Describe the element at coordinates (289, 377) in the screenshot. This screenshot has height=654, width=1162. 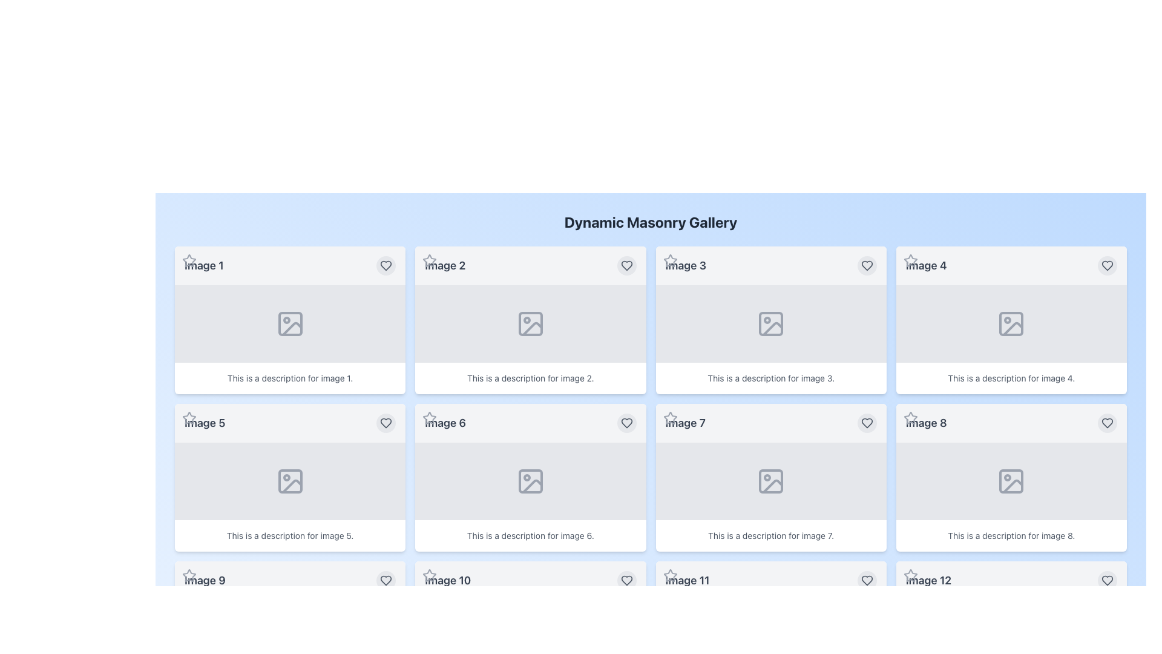
I see `text block containing the sentence 'This is a description for image 1.' located at the bottom of the card for 'Image 1'` at that location.